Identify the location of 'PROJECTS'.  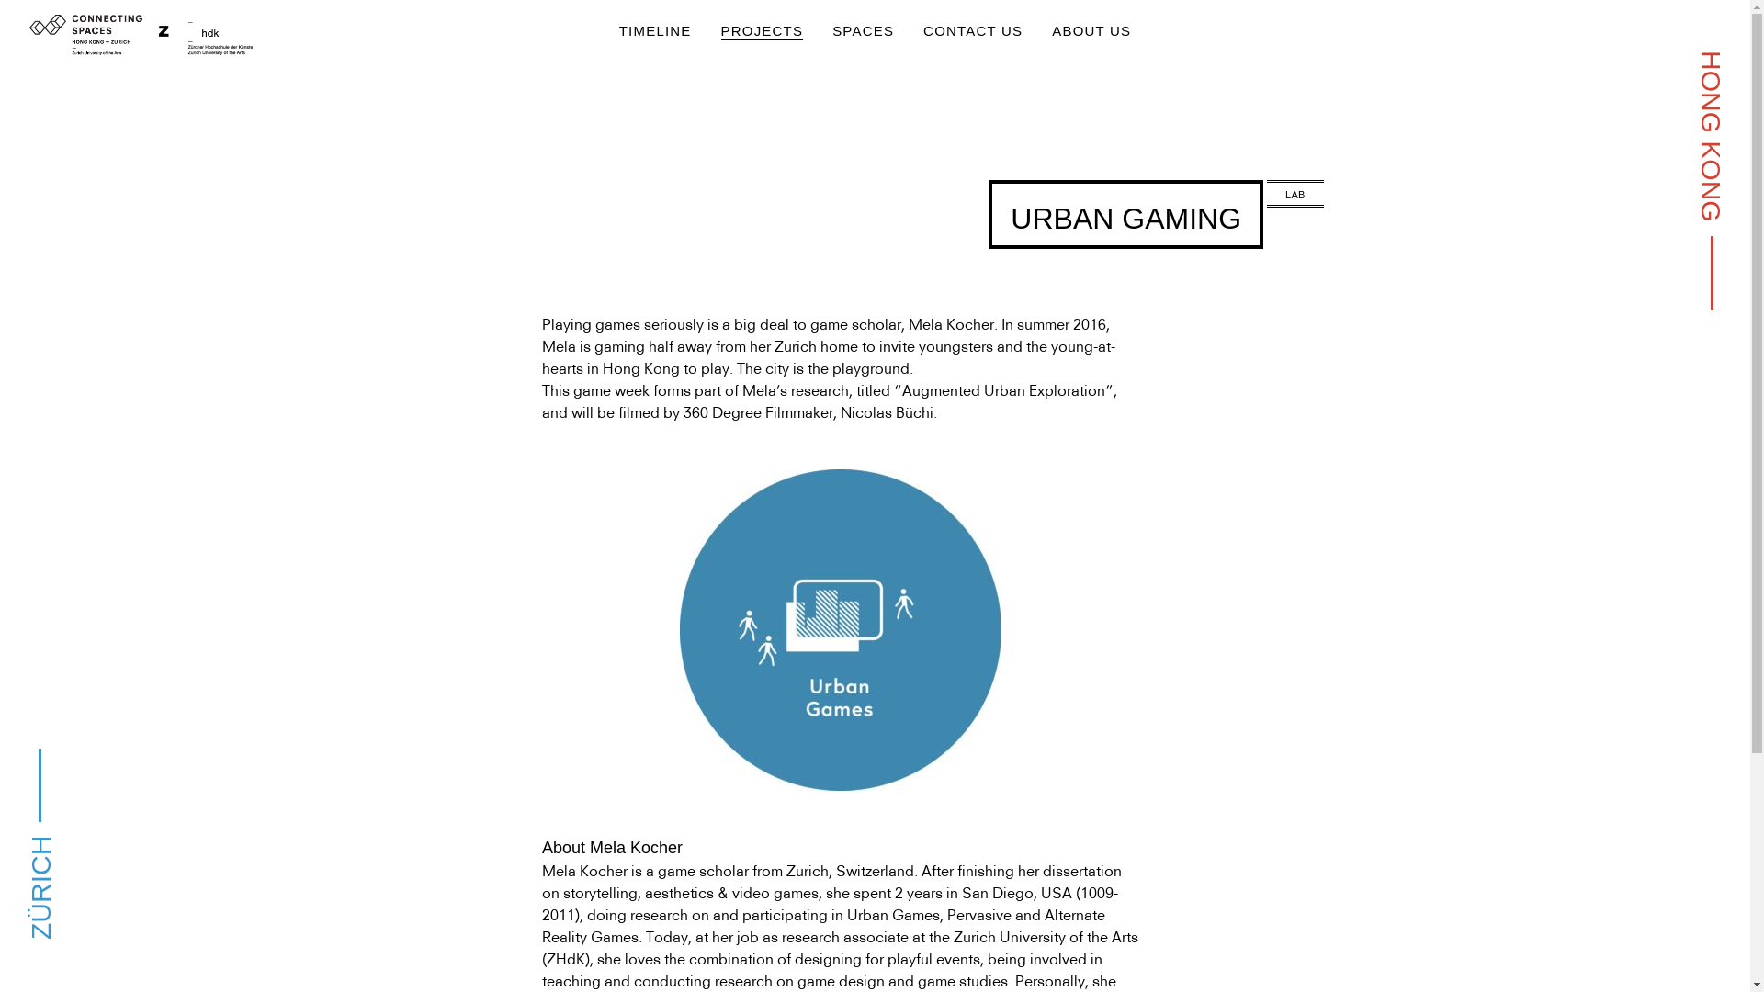
(763, 31).